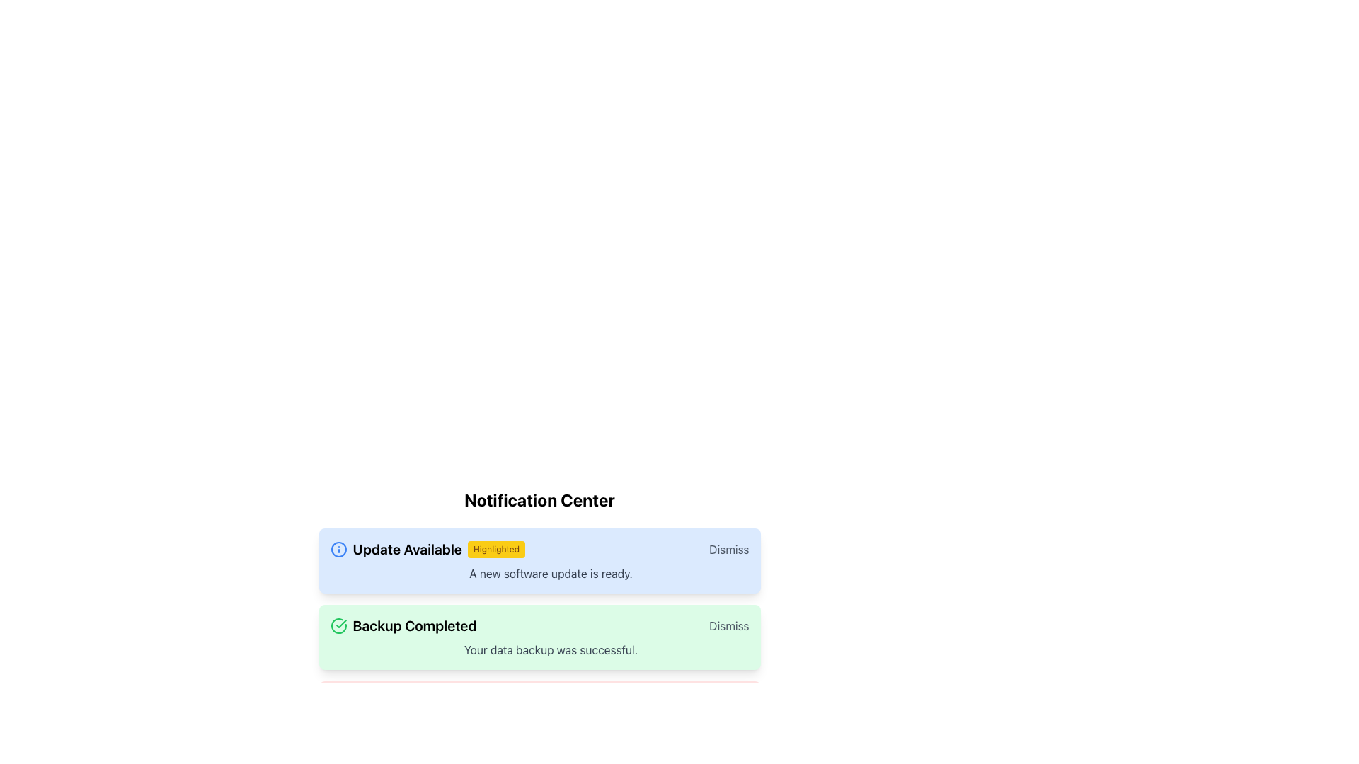  I want to click on the small green checkmark icon located within a circular boundary, which is part of the 'Backup Completed' notification, positioned to the left of the text label in the Notification Center, so click(340, 623).